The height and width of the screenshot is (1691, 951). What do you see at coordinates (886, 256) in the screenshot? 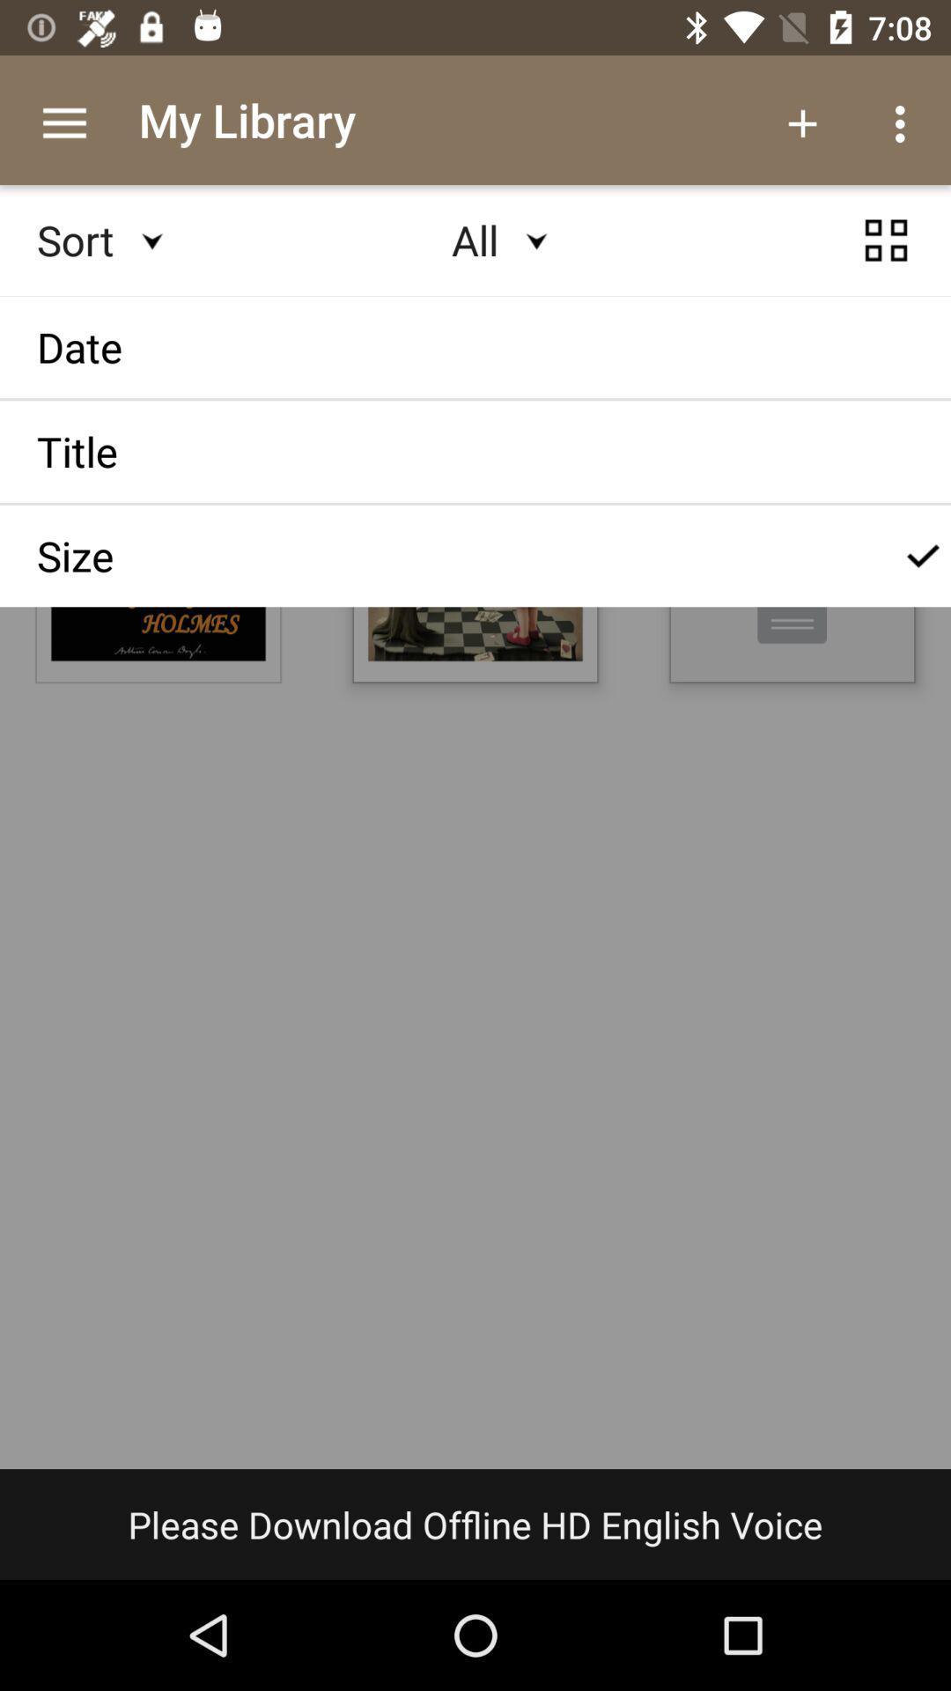
I see `the dashboard icon` at bounding box center [886, 256].